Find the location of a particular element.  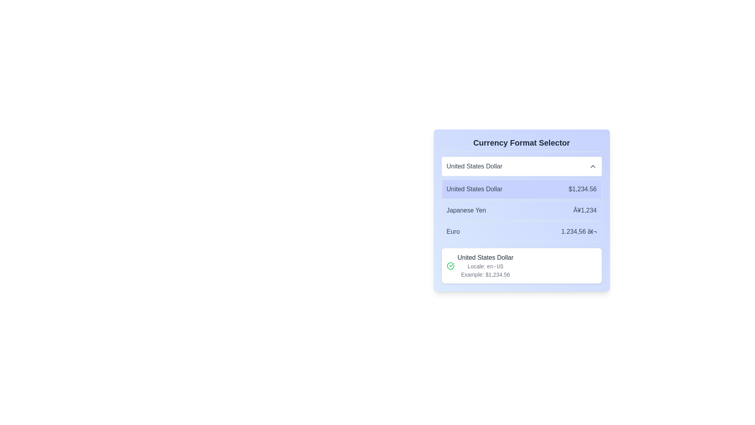

the Text label indicating the currently selected currency format, which is located inside the currency selector component, adjacent to the dropdown arrow icon is located at coordinates (474, 166).